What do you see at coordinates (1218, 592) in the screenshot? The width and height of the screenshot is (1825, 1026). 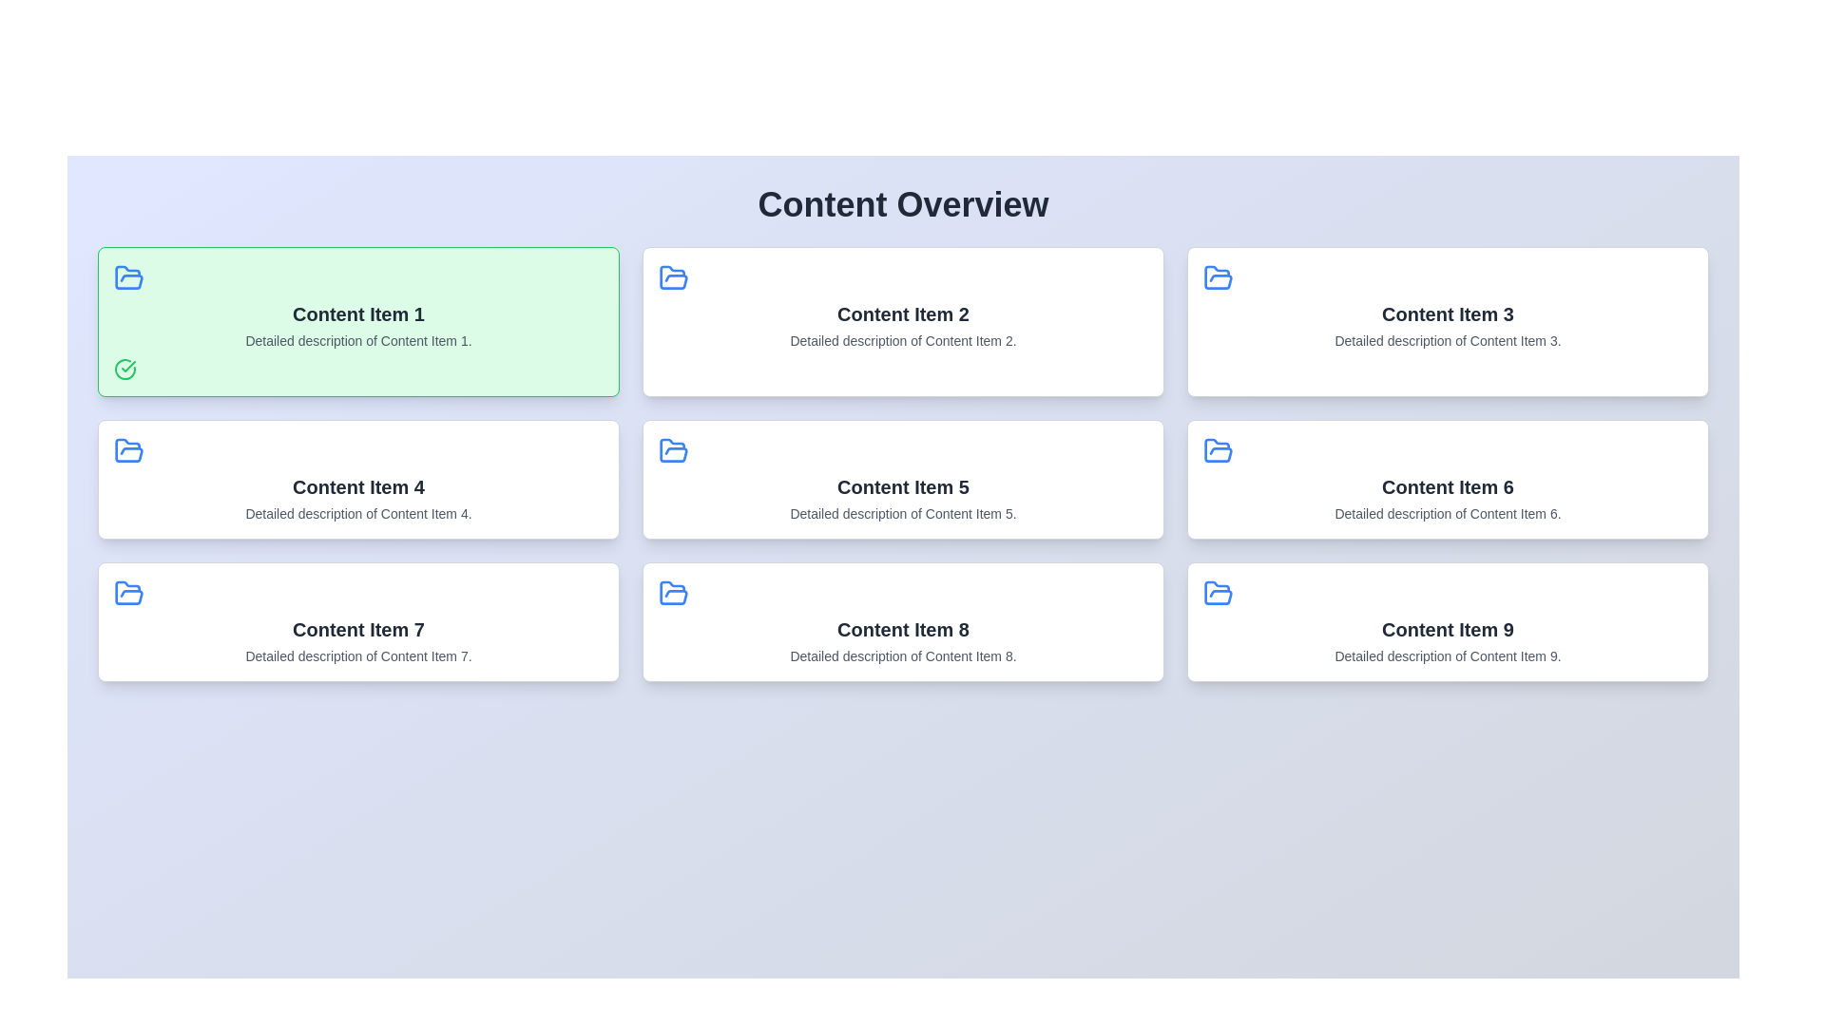 I see `the blue open folder icon located in the 'Content Overview' section, corresponding to 'Content Item 9' in the last row` at bounding box center [1218, 592].